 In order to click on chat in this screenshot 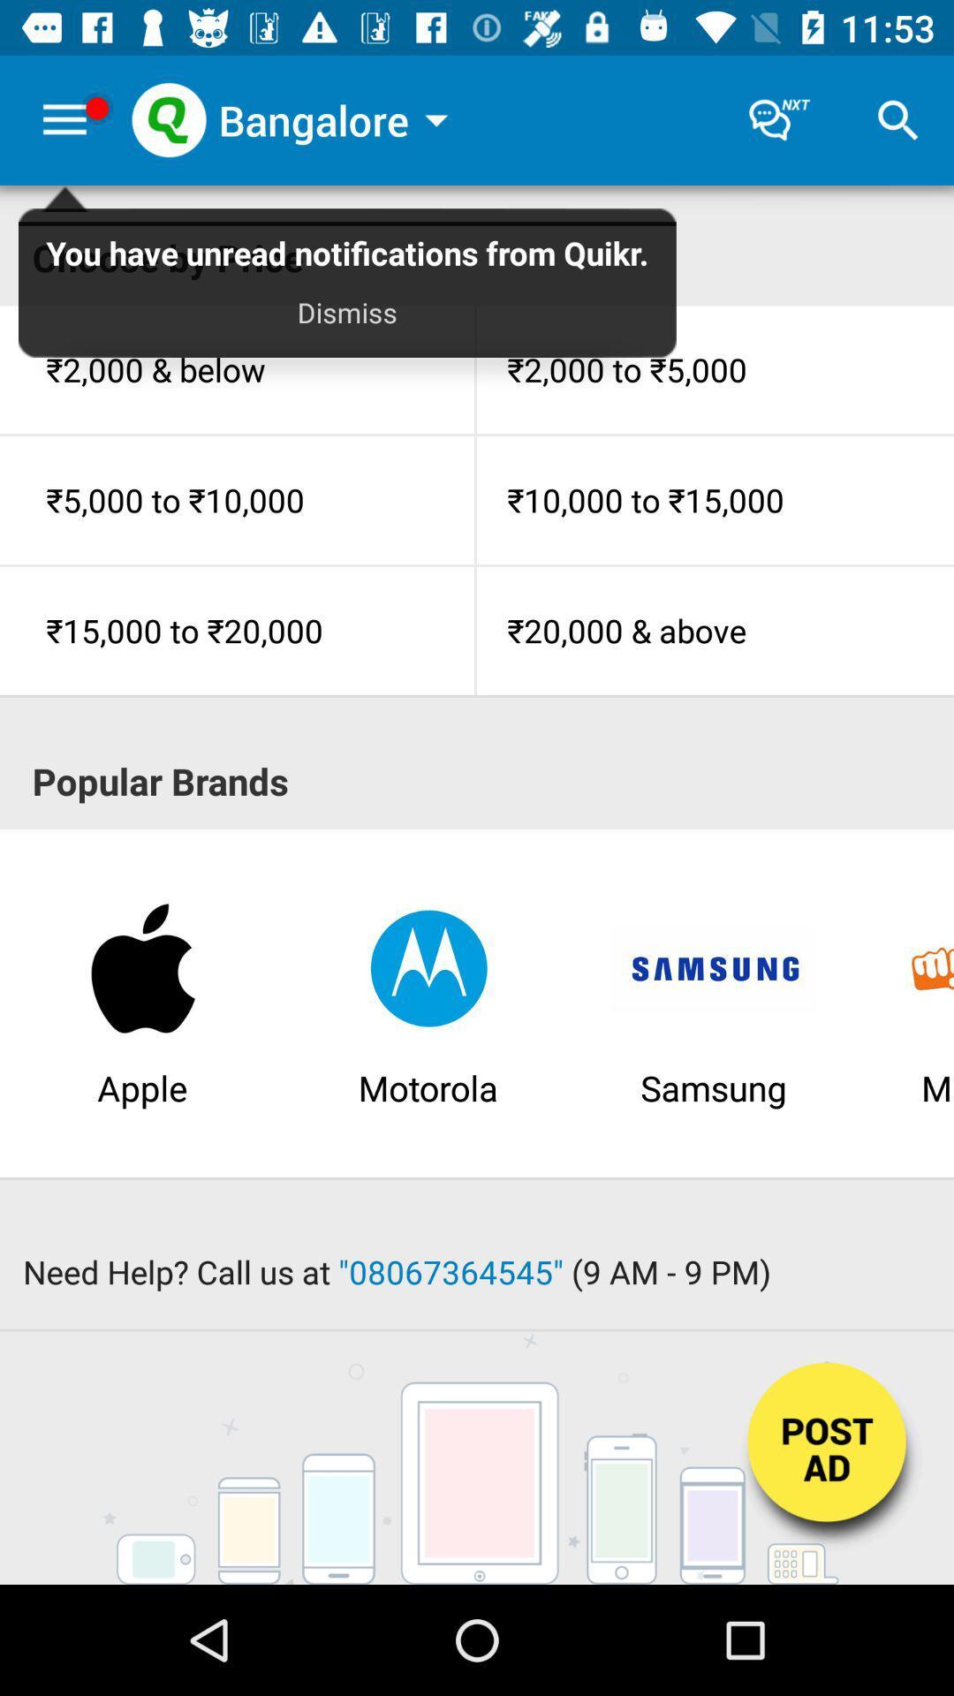, I will do `click(779, 119)`.